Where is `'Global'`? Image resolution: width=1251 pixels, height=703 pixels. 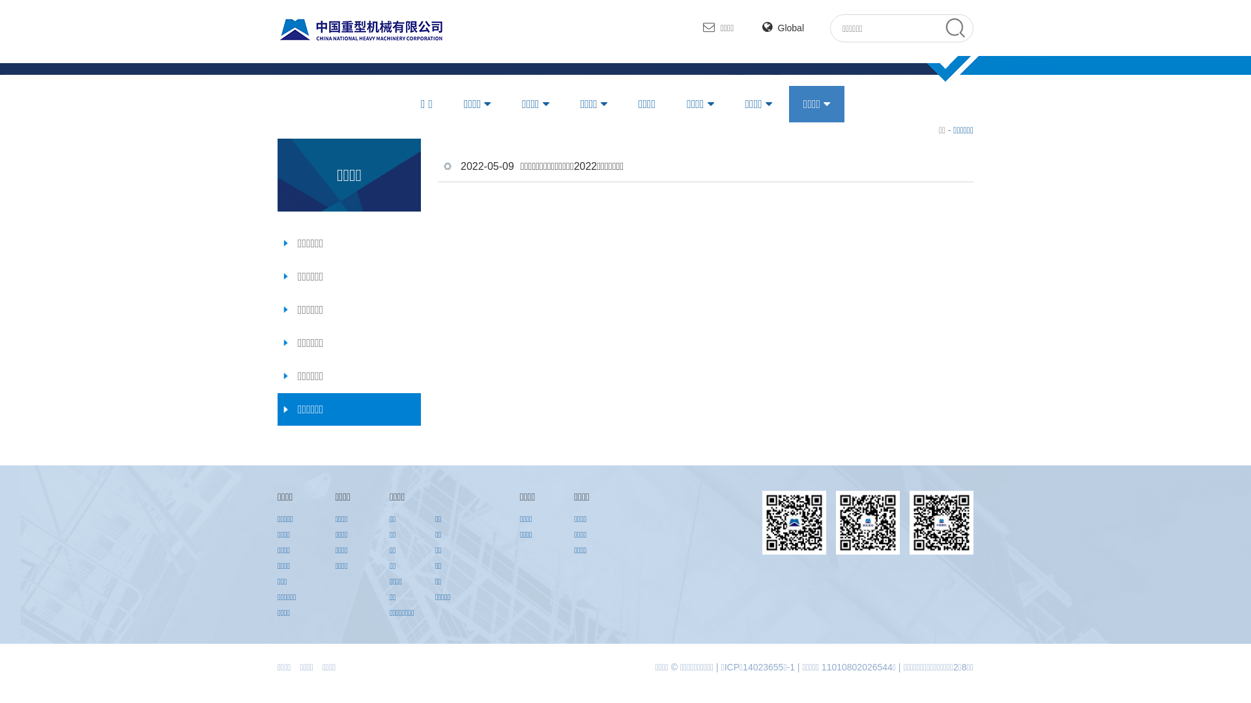
'Global' is located at coordinates (782, 27).